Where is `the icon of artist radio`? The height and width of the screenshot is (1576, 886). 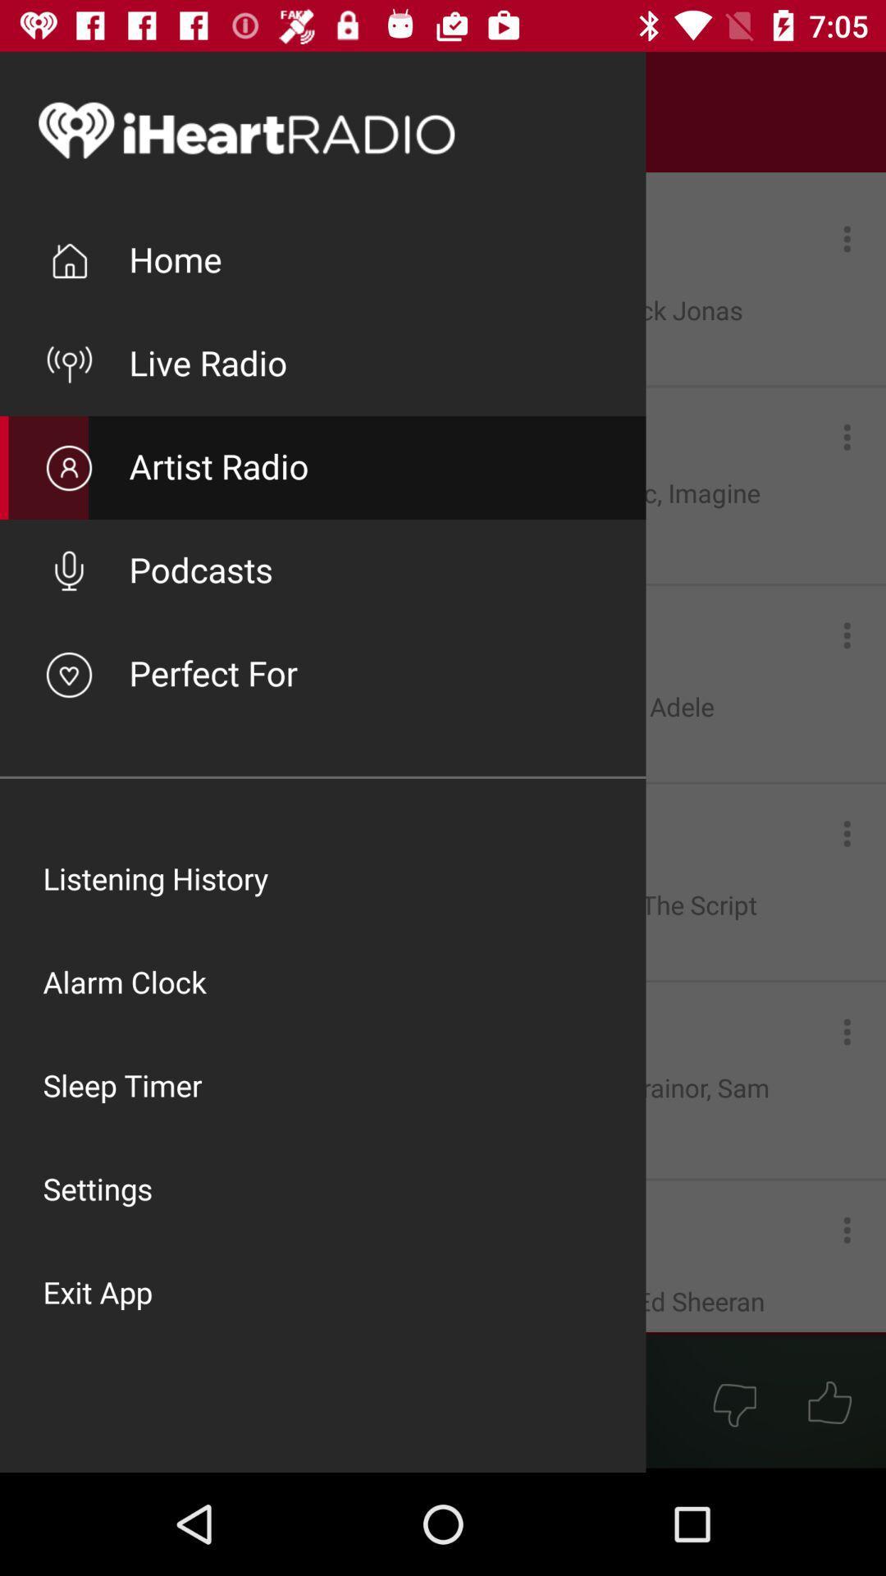
the icon of artist radio is located at coordinates (68, 467).